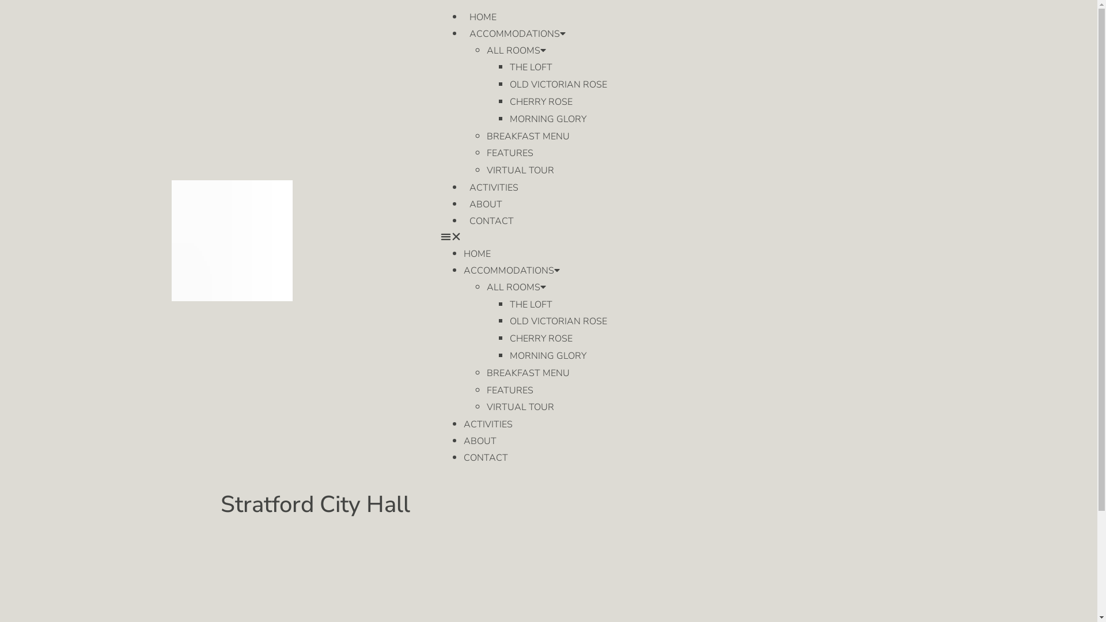  Describe the element at coordinates (483, 17) in the screenshot. I see `'HOME'` at that location.